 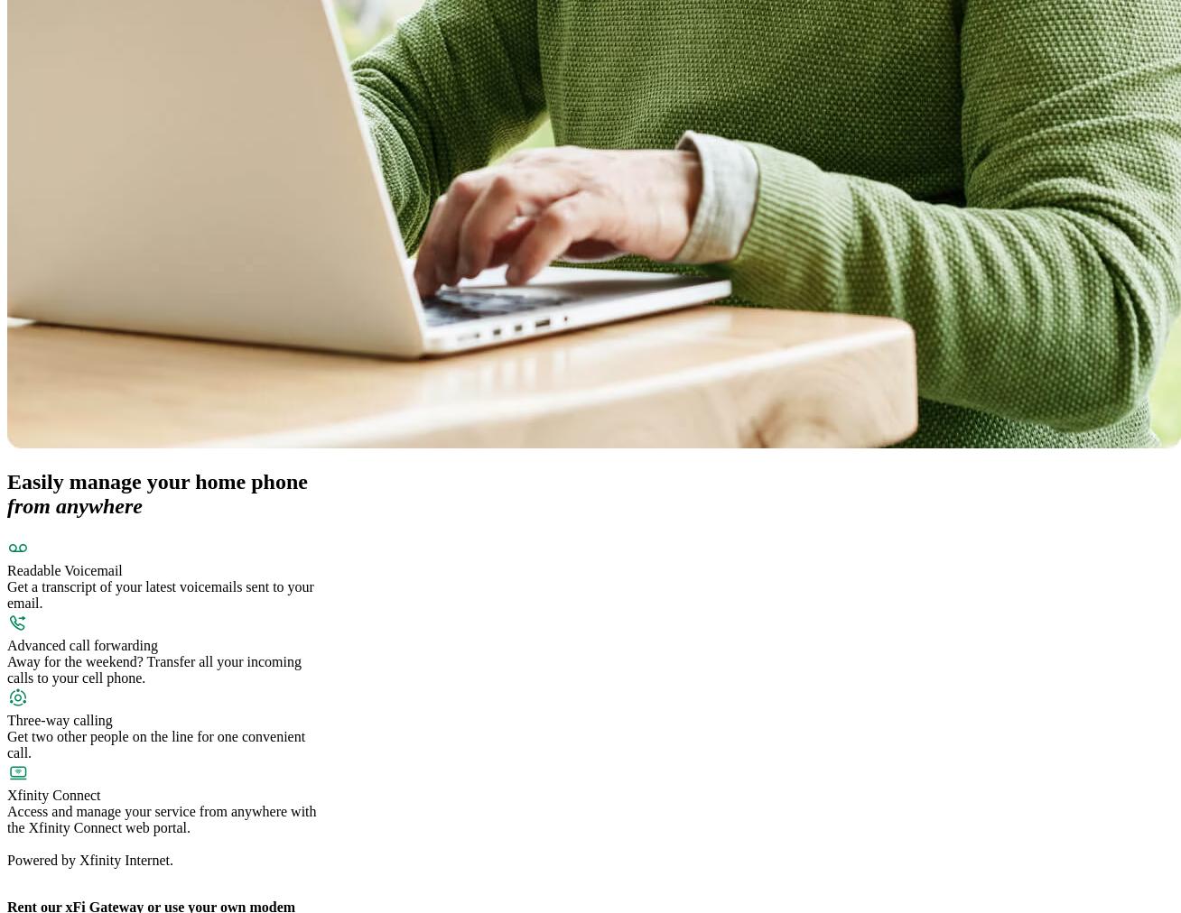 I want to click on 'Three-way calling', so click(x=60, y=719).